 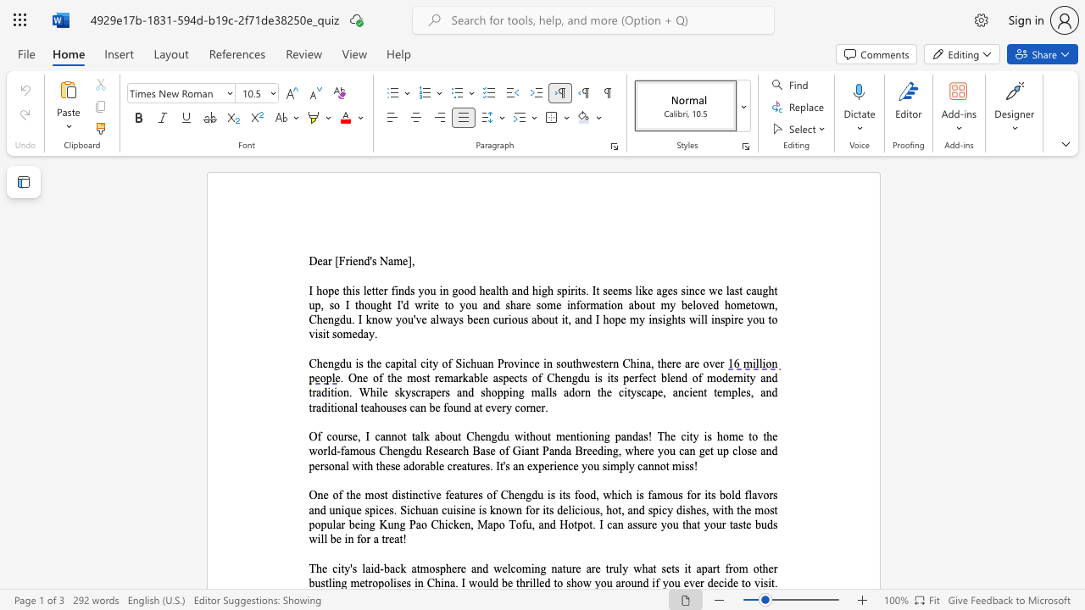 I want to click on the space between the continuous character "s" and "p" in the text, so click(x=725, y=319).